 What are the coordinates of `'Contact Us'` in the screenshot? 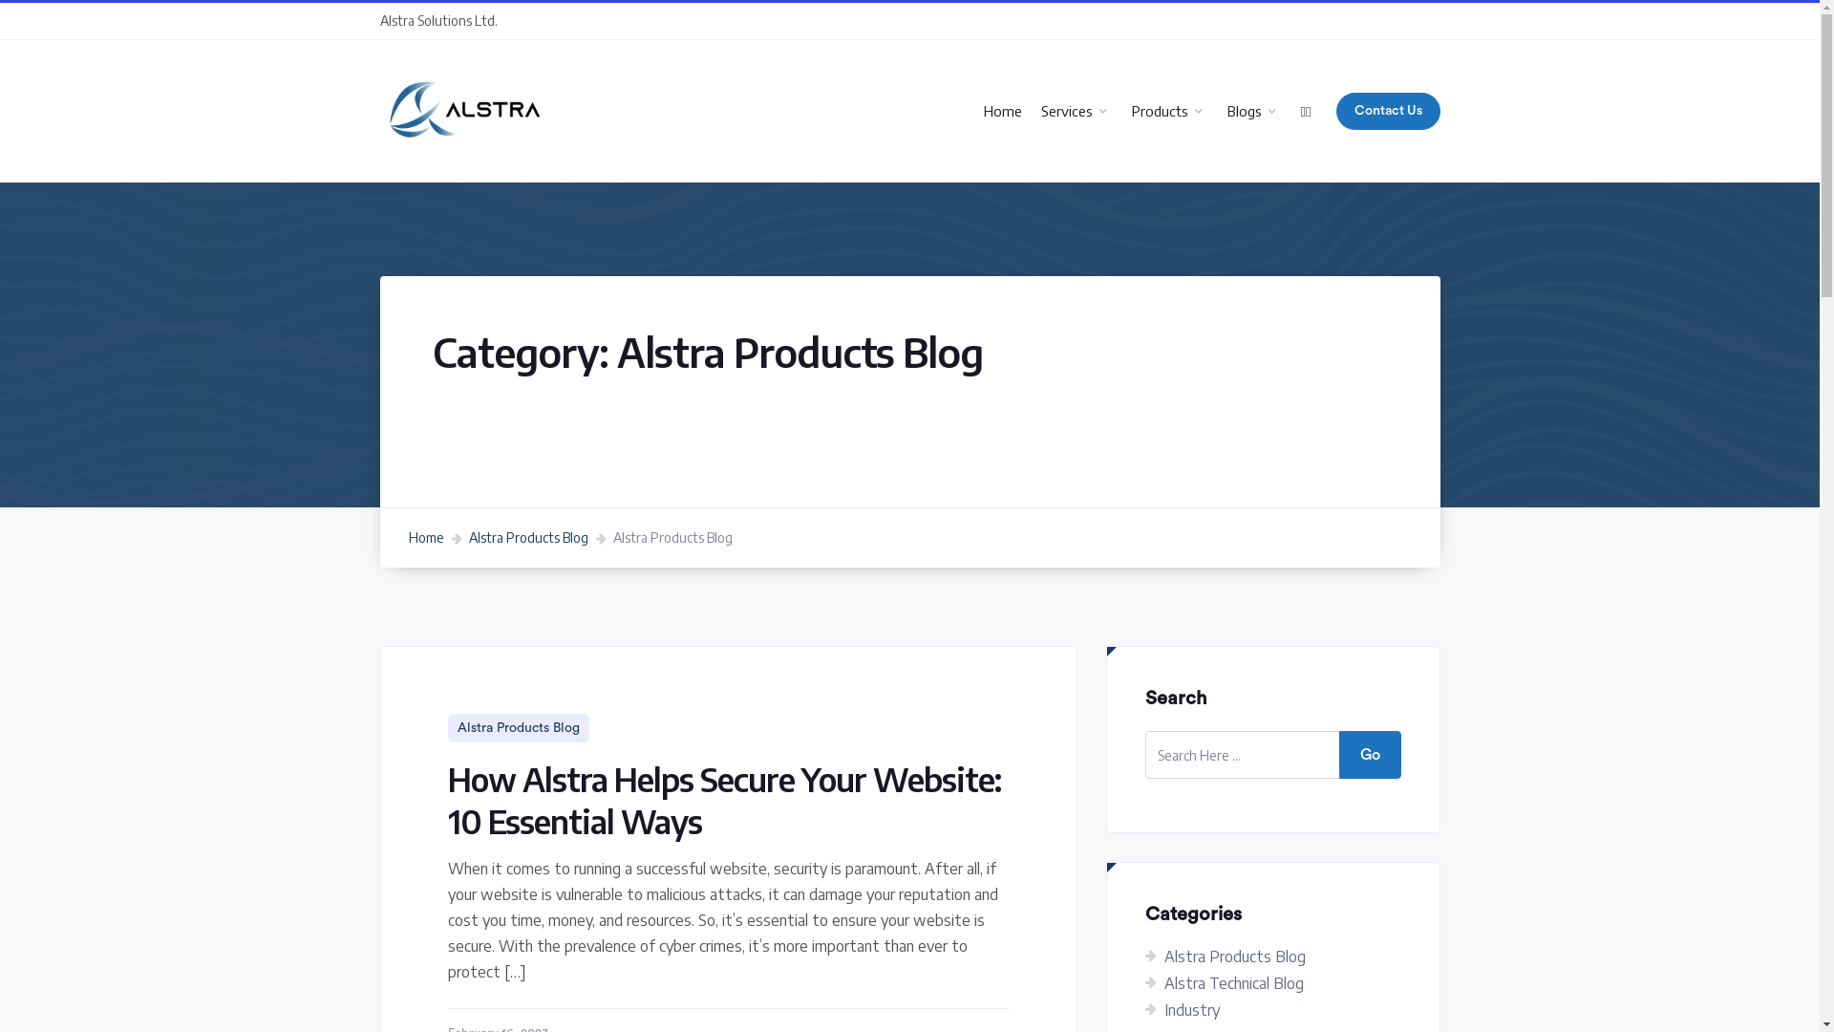 It's located at (1387, 111).